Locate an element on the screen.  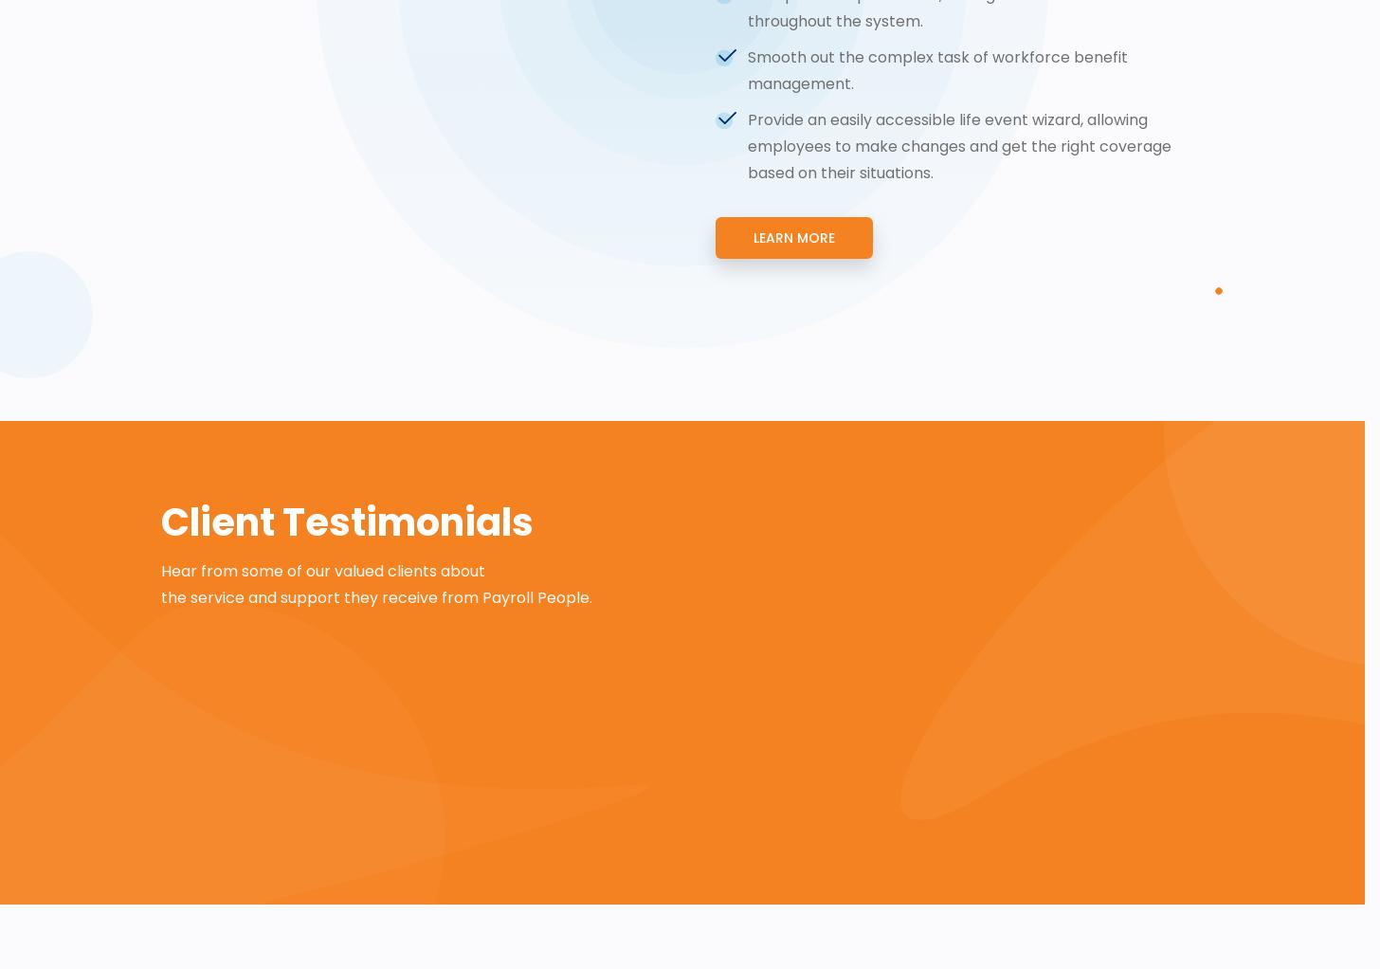
'Carrier Connection' is located at coordinates (333, 119).